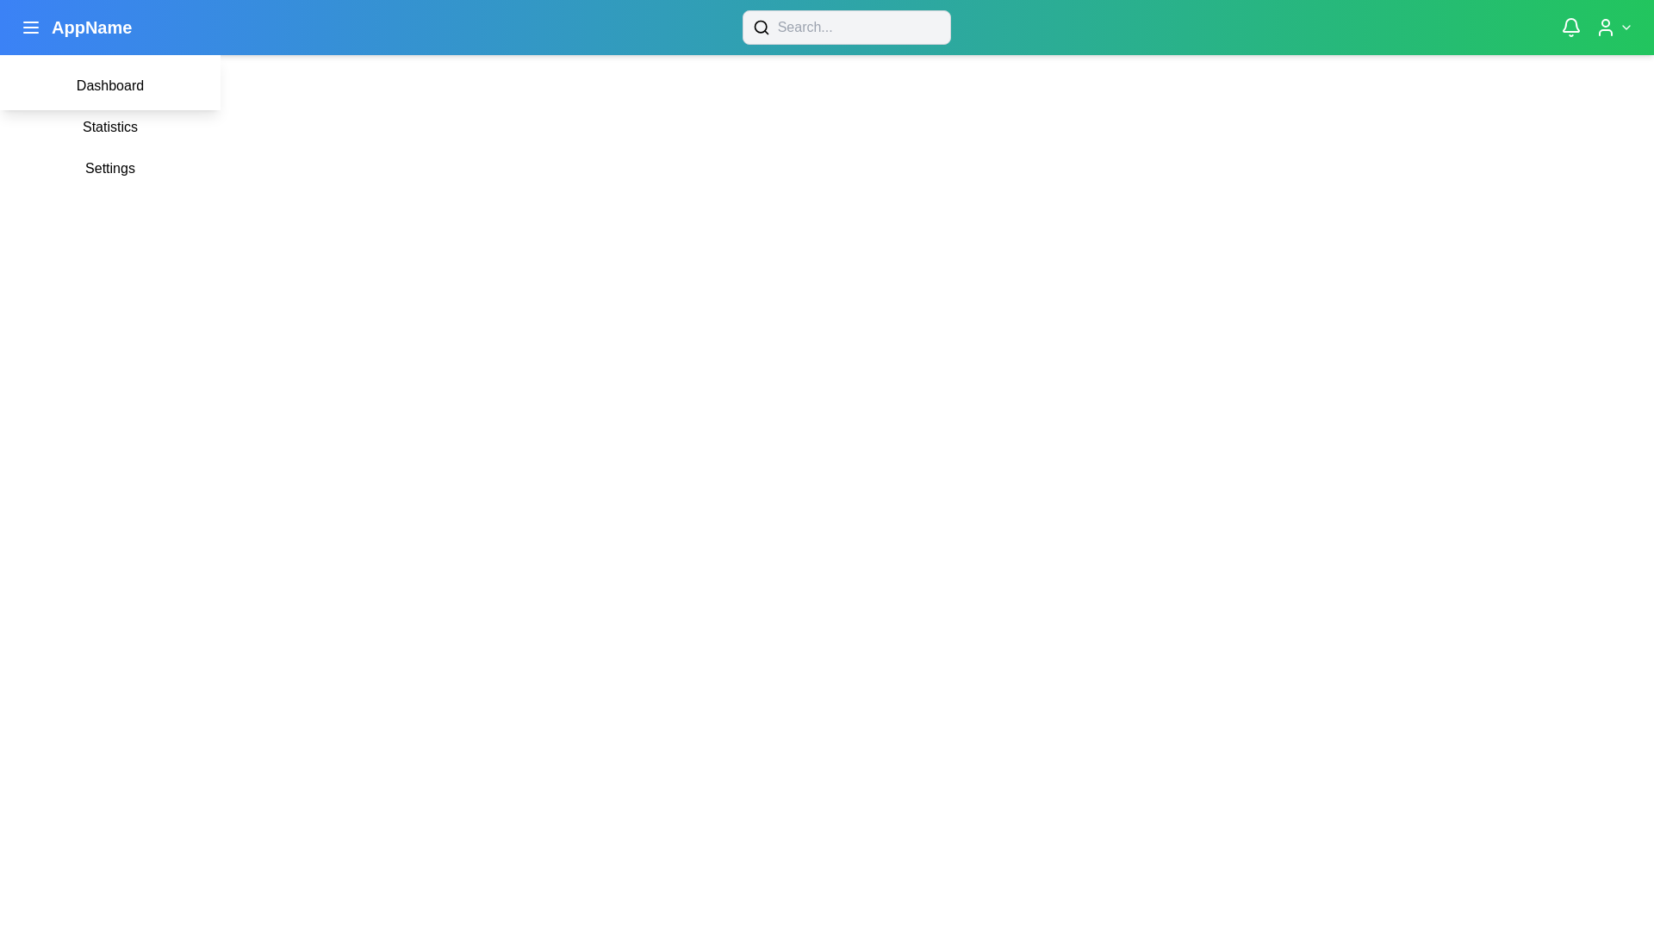  I want to click on the search input field located at the center of the top navigation bar, which is positioned between the application logo and user-related icons, so click(846, 27).